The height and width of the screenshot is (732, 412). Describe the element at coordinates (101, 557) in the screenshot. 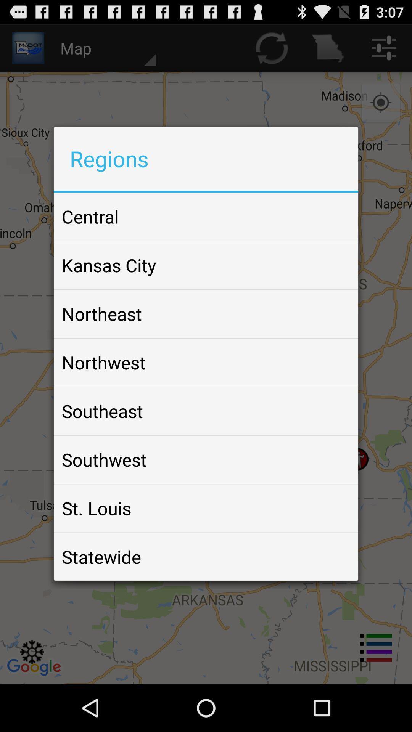

I see `icon below st. louis app` at that location.